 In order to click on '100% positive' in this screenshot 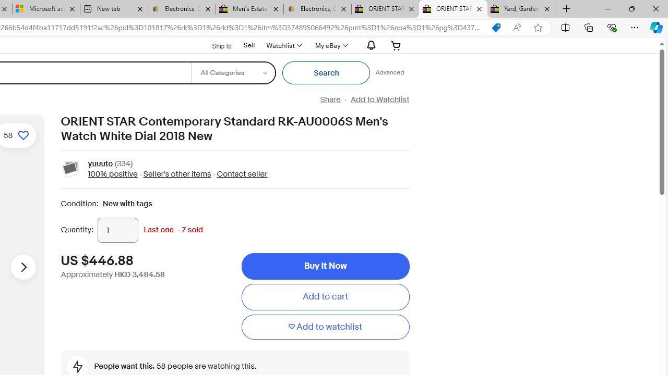, I will do `click(112, 173)`.